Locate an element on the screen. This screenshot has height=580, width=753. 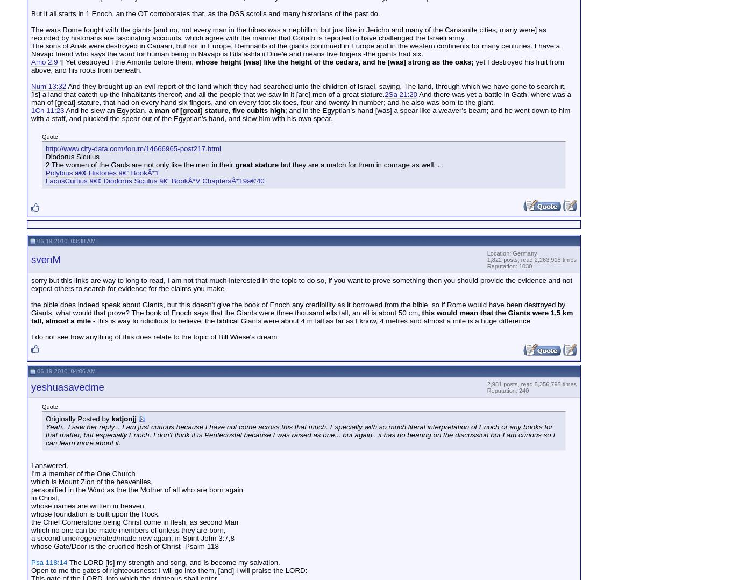
'in Christ,' is located at coordinates (45, 497).